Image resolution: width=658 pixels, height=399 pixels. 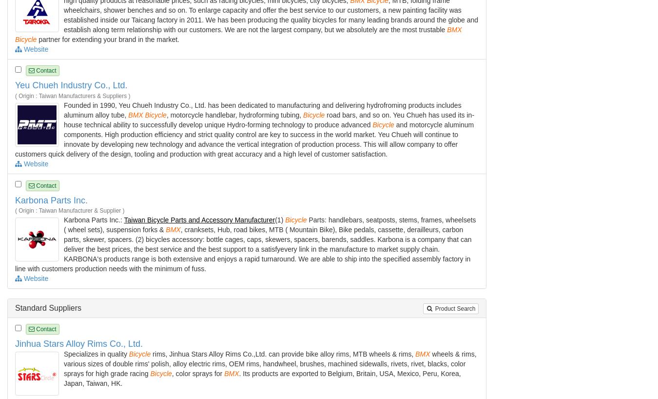 What do you see at coordinates (234, 115) in the screenshot?
I see `', motorcycle handlebar, hydroforming tubing,'` at bounding box center [234, 115].